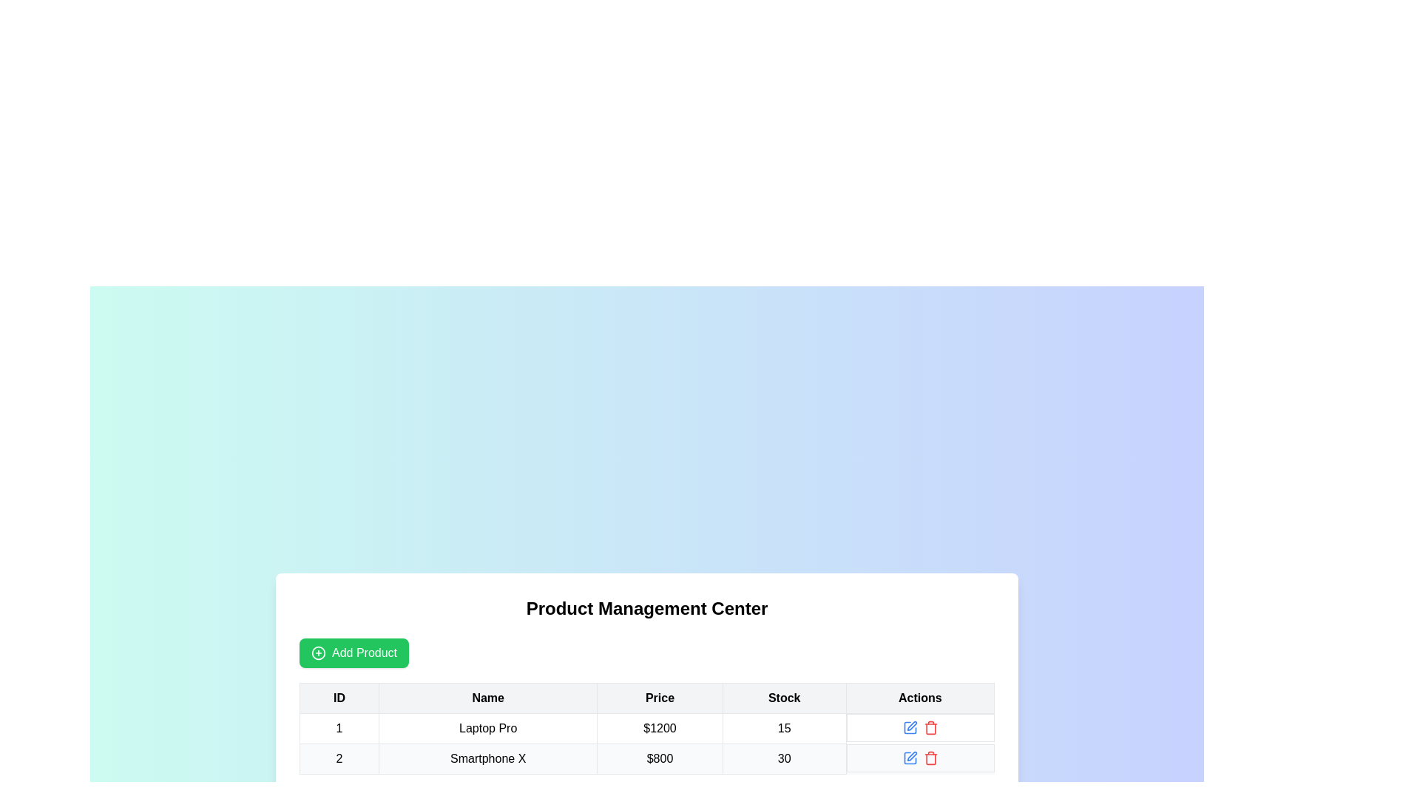 This screenshot has height=799, width=1420. Describe the element at coordinates (783, 698) in the screenshot. I see `the 'Stock' column header cell in the table, which is the fourth column header located between the 'Price' and 'Actions' headers` at that location.